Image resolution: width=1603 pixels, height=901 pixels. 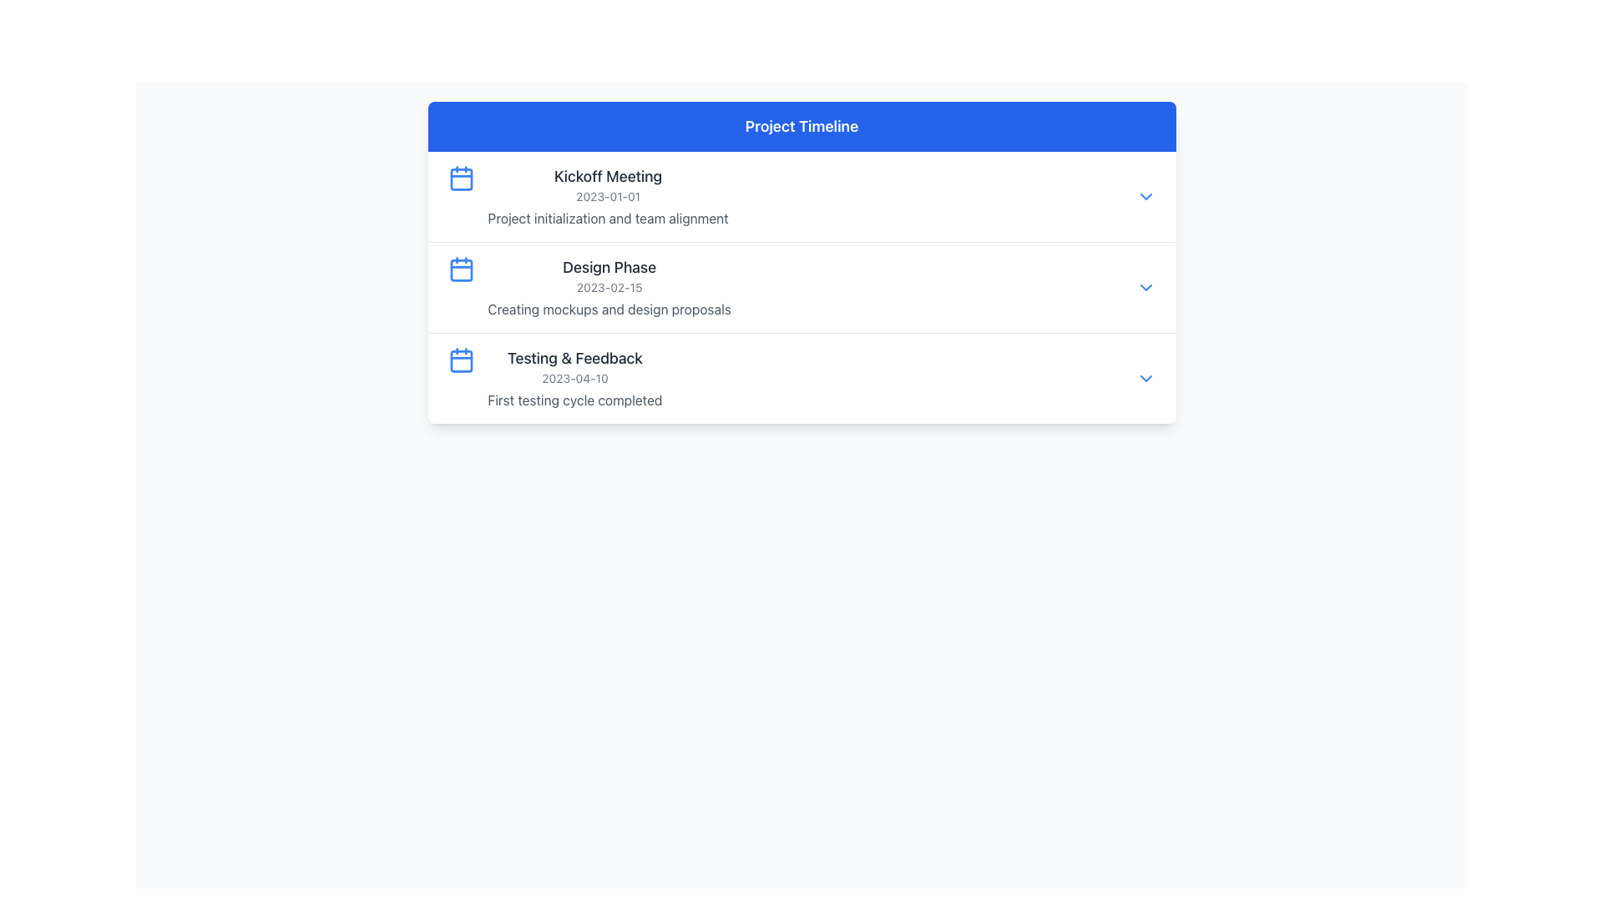 I want to click on event details from the first list item titled 'Kickoff Meeting' in the 'Project Timeline' panel, which includes the date and description, so click(x=801, y=195).